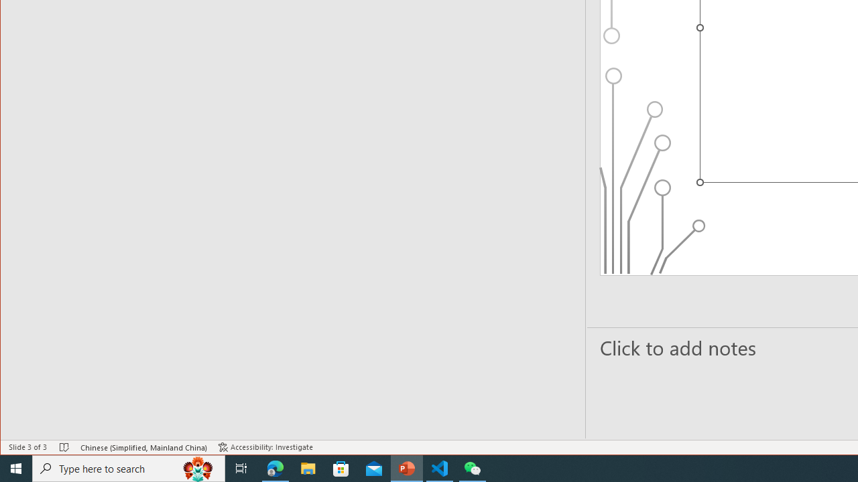  Describe the element at coordinates (64, 447) in the screenshot. I see `'Spell Check No Errors'` at that location.